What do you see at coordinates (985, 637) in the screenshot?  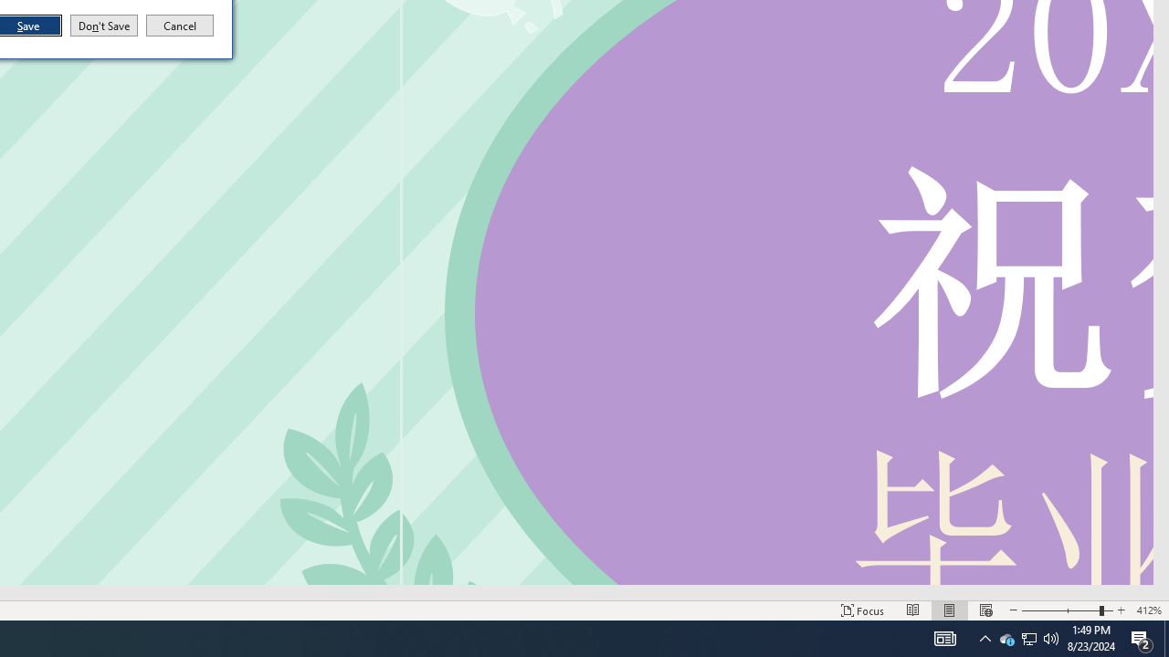 I see `'Notification Chevron'` at bounding box center [985, 637].